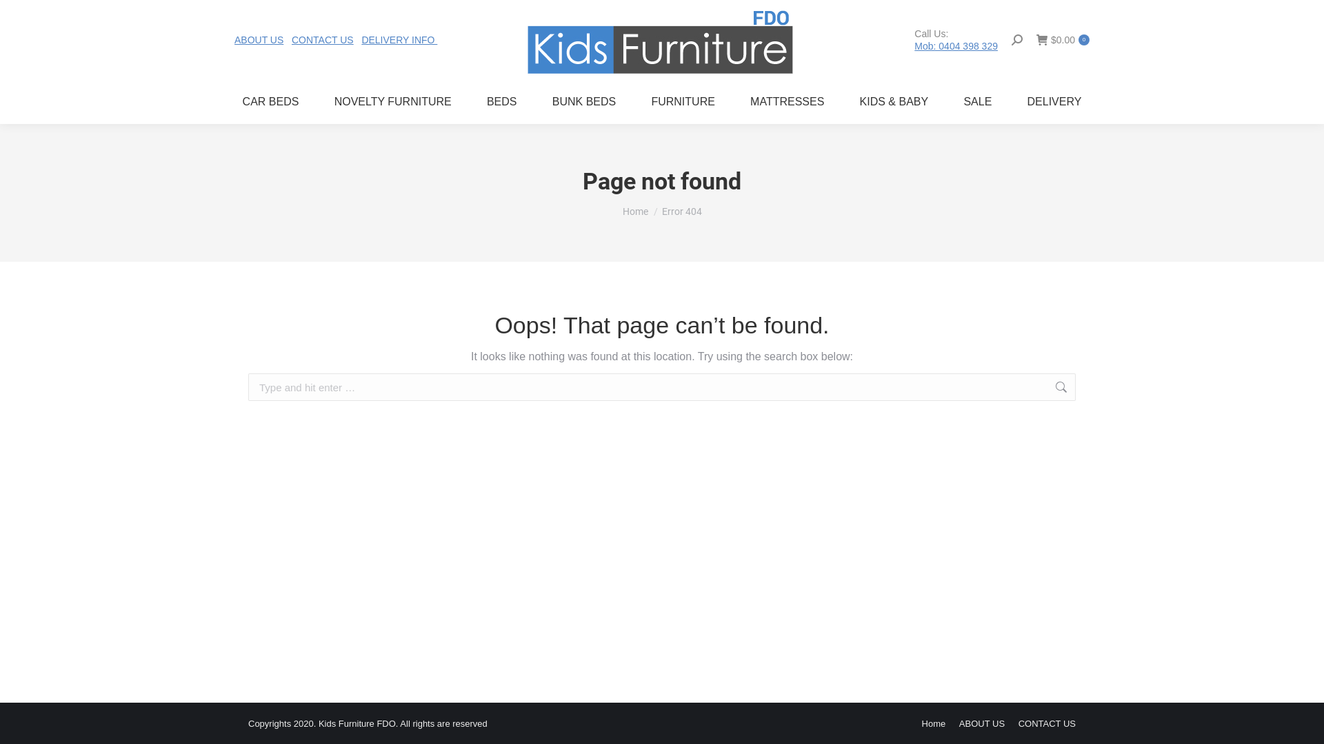 This screenshot has height=744, width=1324. What do you see at coordinates (1047, 723) in the screenshot?
I see `'CONTACT US'` at bounding box center [1047, 723].